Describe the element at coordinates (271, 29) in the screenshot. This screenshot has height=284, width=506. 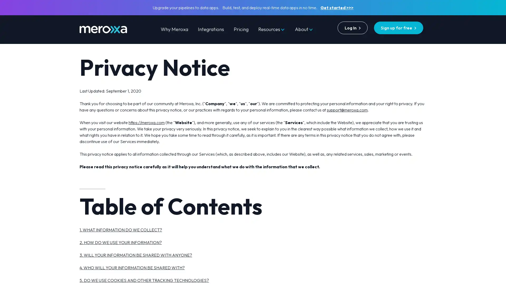
I see `Resources` at that location.